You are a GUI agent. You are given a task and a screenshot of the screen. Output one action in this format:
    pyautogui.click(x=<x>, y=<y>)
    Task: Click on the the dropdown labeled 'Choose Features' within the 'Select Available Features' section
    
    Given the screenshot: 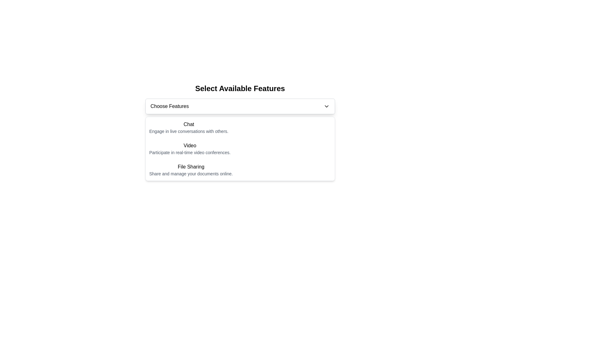 What is the action you would take?
    pyautogui.click(x=240, y=106)
    